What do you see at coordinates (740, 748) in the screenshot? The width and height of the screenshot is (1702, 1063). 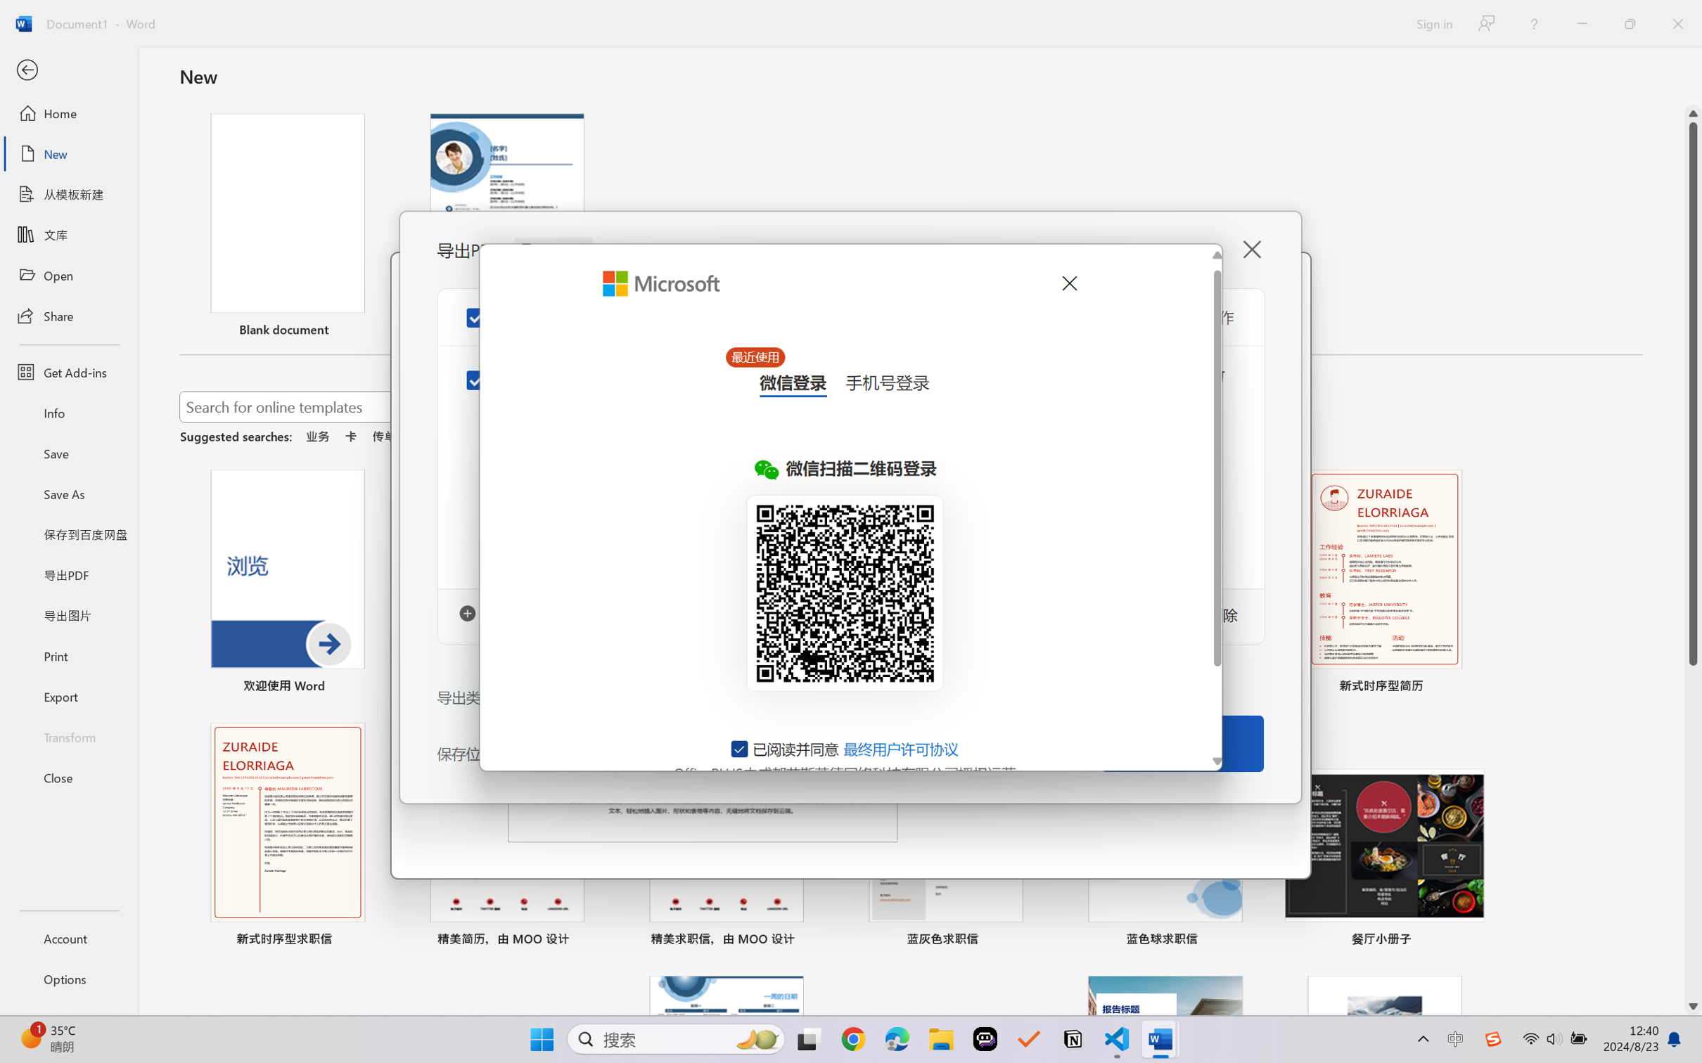 I see `'AutomationID: checkbox-14'` at bounding box center [740, 748].